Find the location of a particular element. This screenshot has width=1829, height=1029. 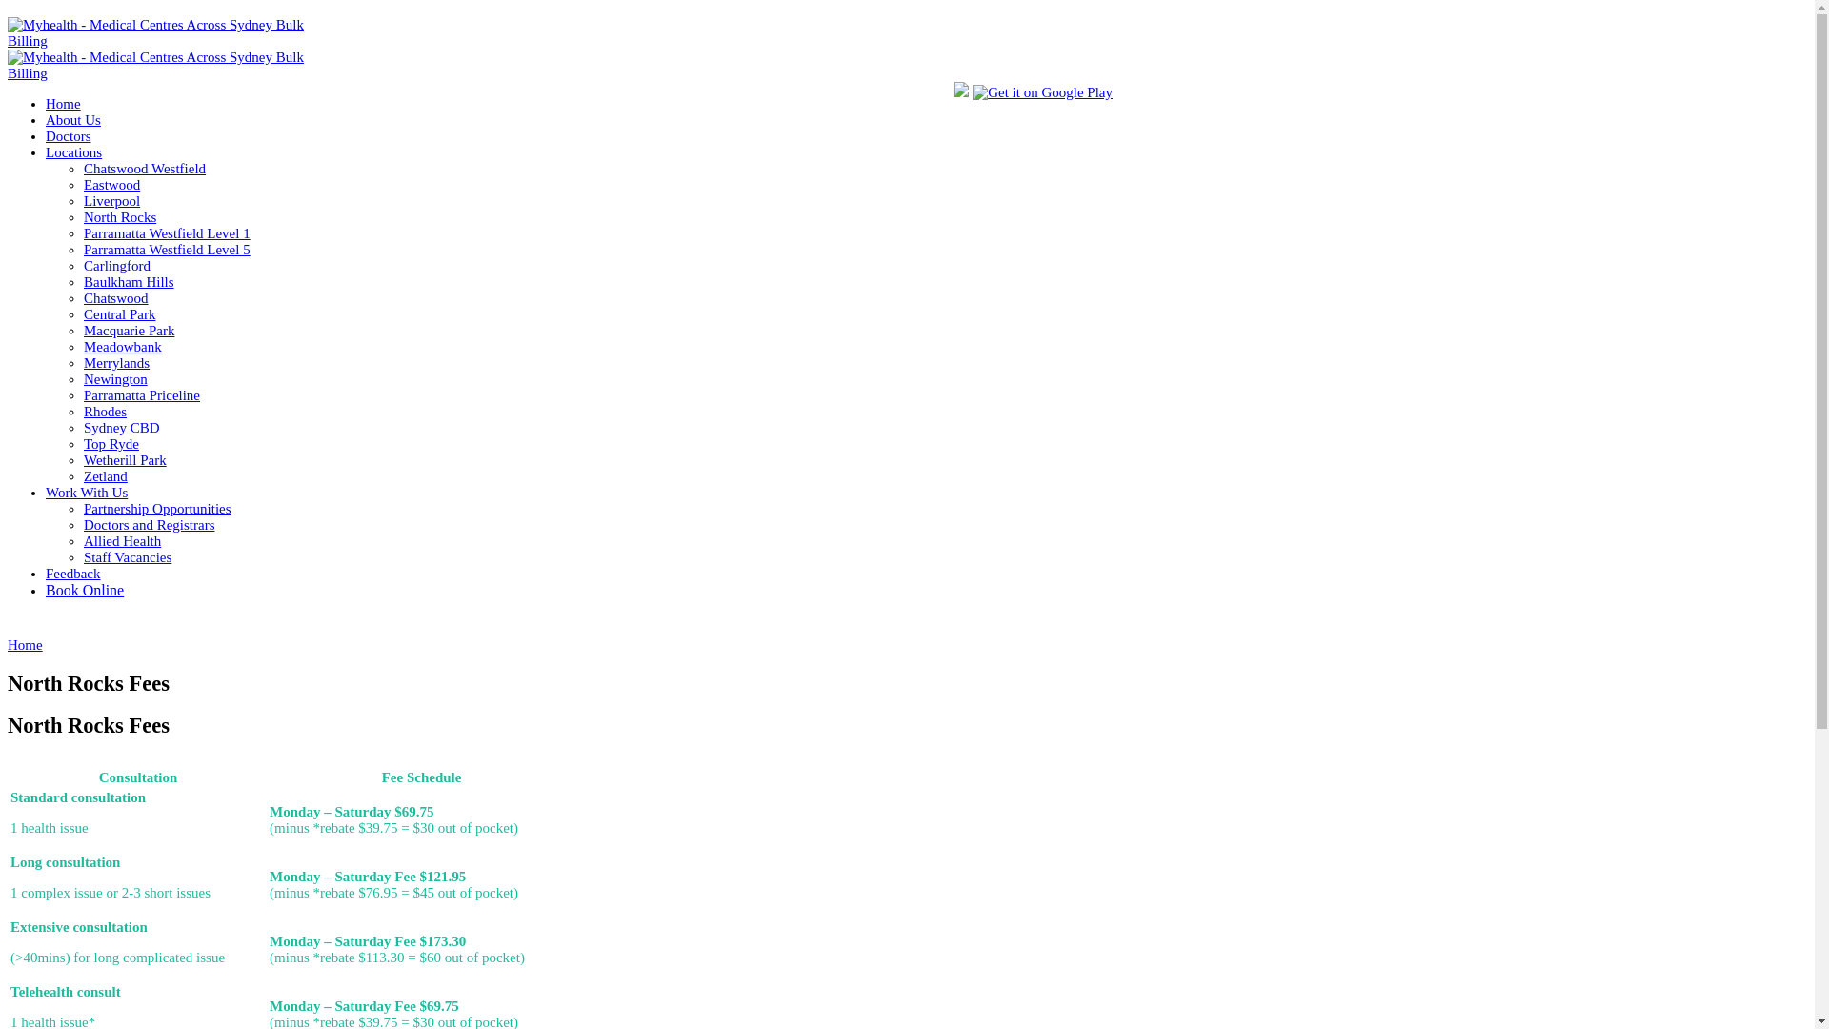

'Baulkham Hills' is located at coordinates (128, 282).